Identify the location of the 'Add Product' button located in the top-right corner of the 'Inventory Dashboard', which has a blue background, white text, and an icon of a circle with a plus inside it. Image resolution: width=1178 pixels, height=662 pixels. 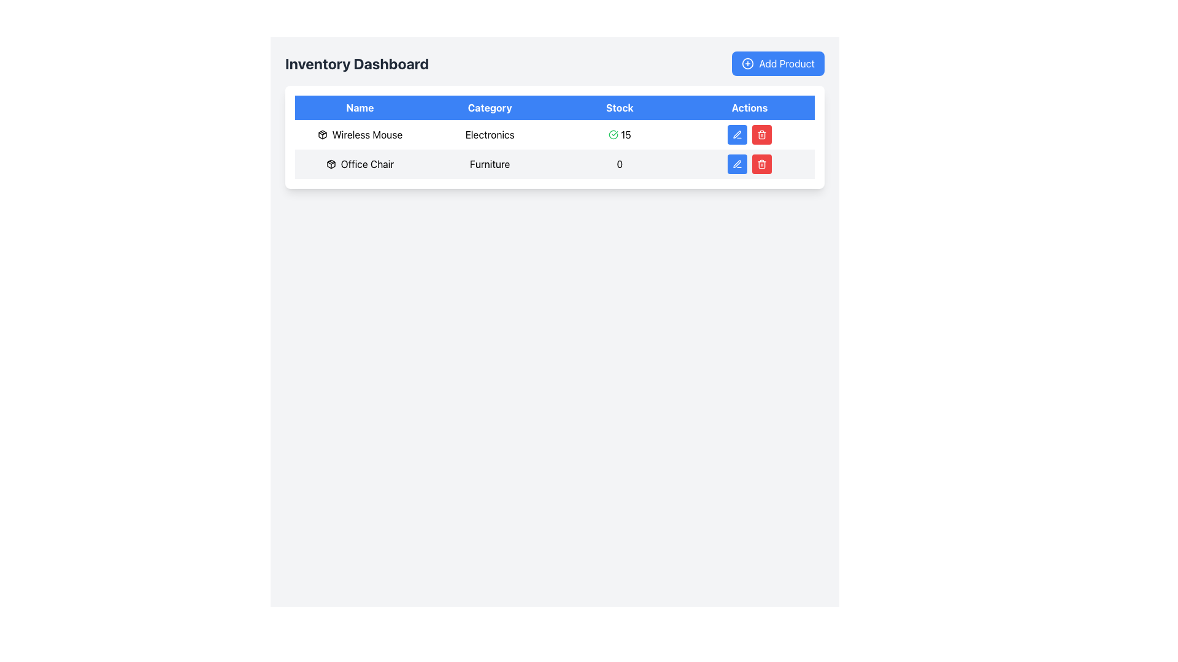
(777, 64).